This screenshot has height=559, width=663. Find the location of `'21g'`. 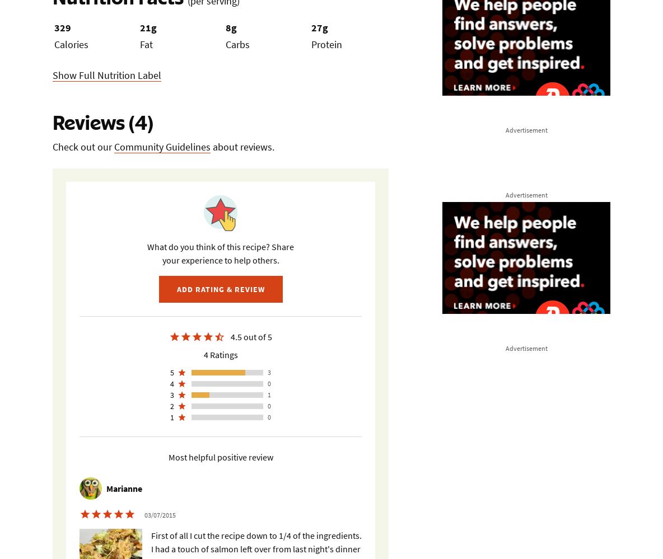

'21g' is located at coordinates (148, 27).